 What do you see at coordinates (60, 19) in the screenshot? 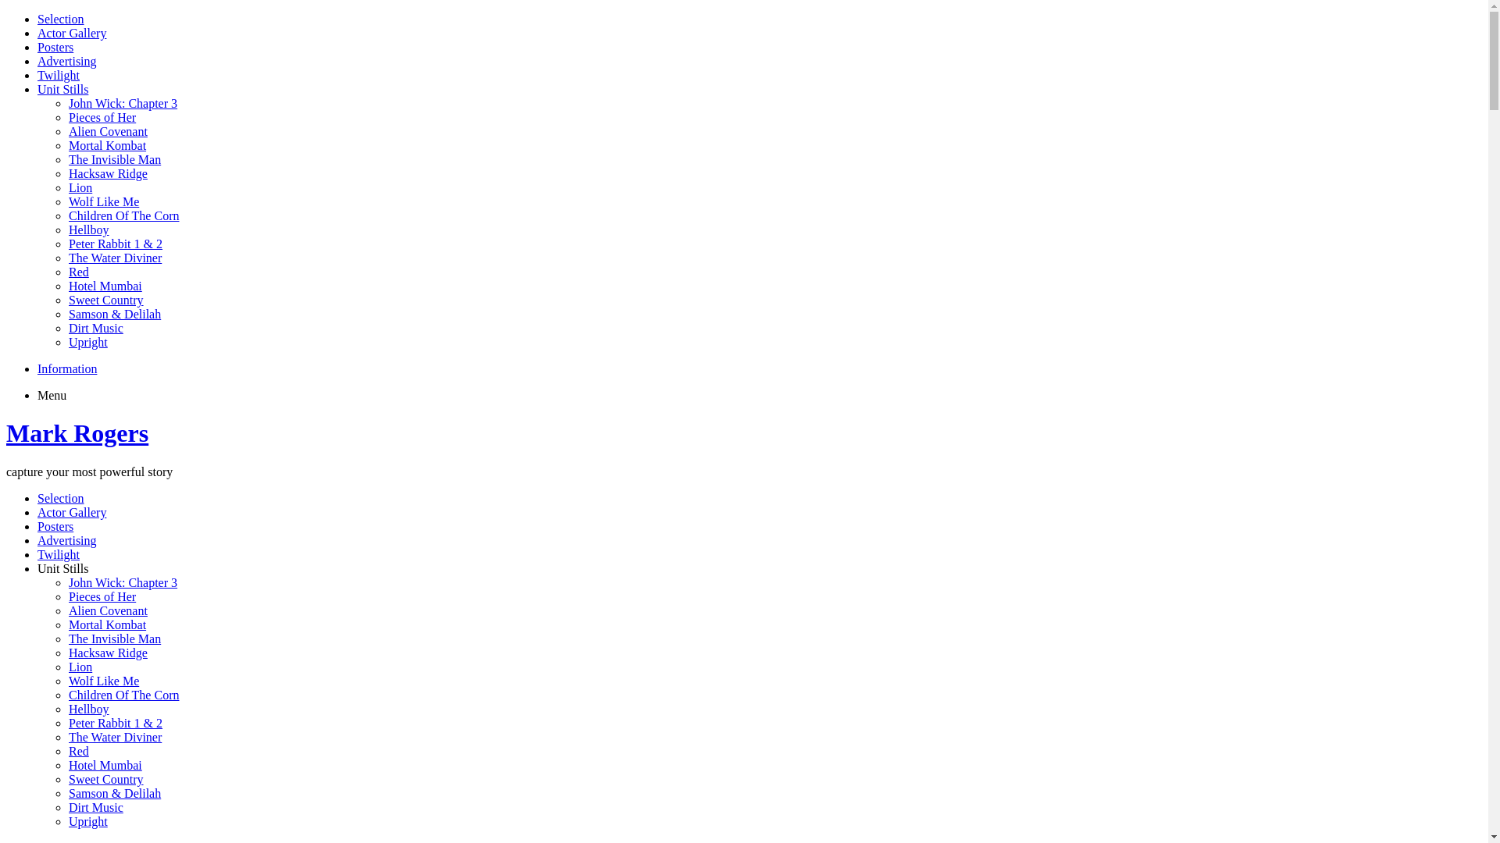
I see `'Selection'` at bounding box center [60, 19].